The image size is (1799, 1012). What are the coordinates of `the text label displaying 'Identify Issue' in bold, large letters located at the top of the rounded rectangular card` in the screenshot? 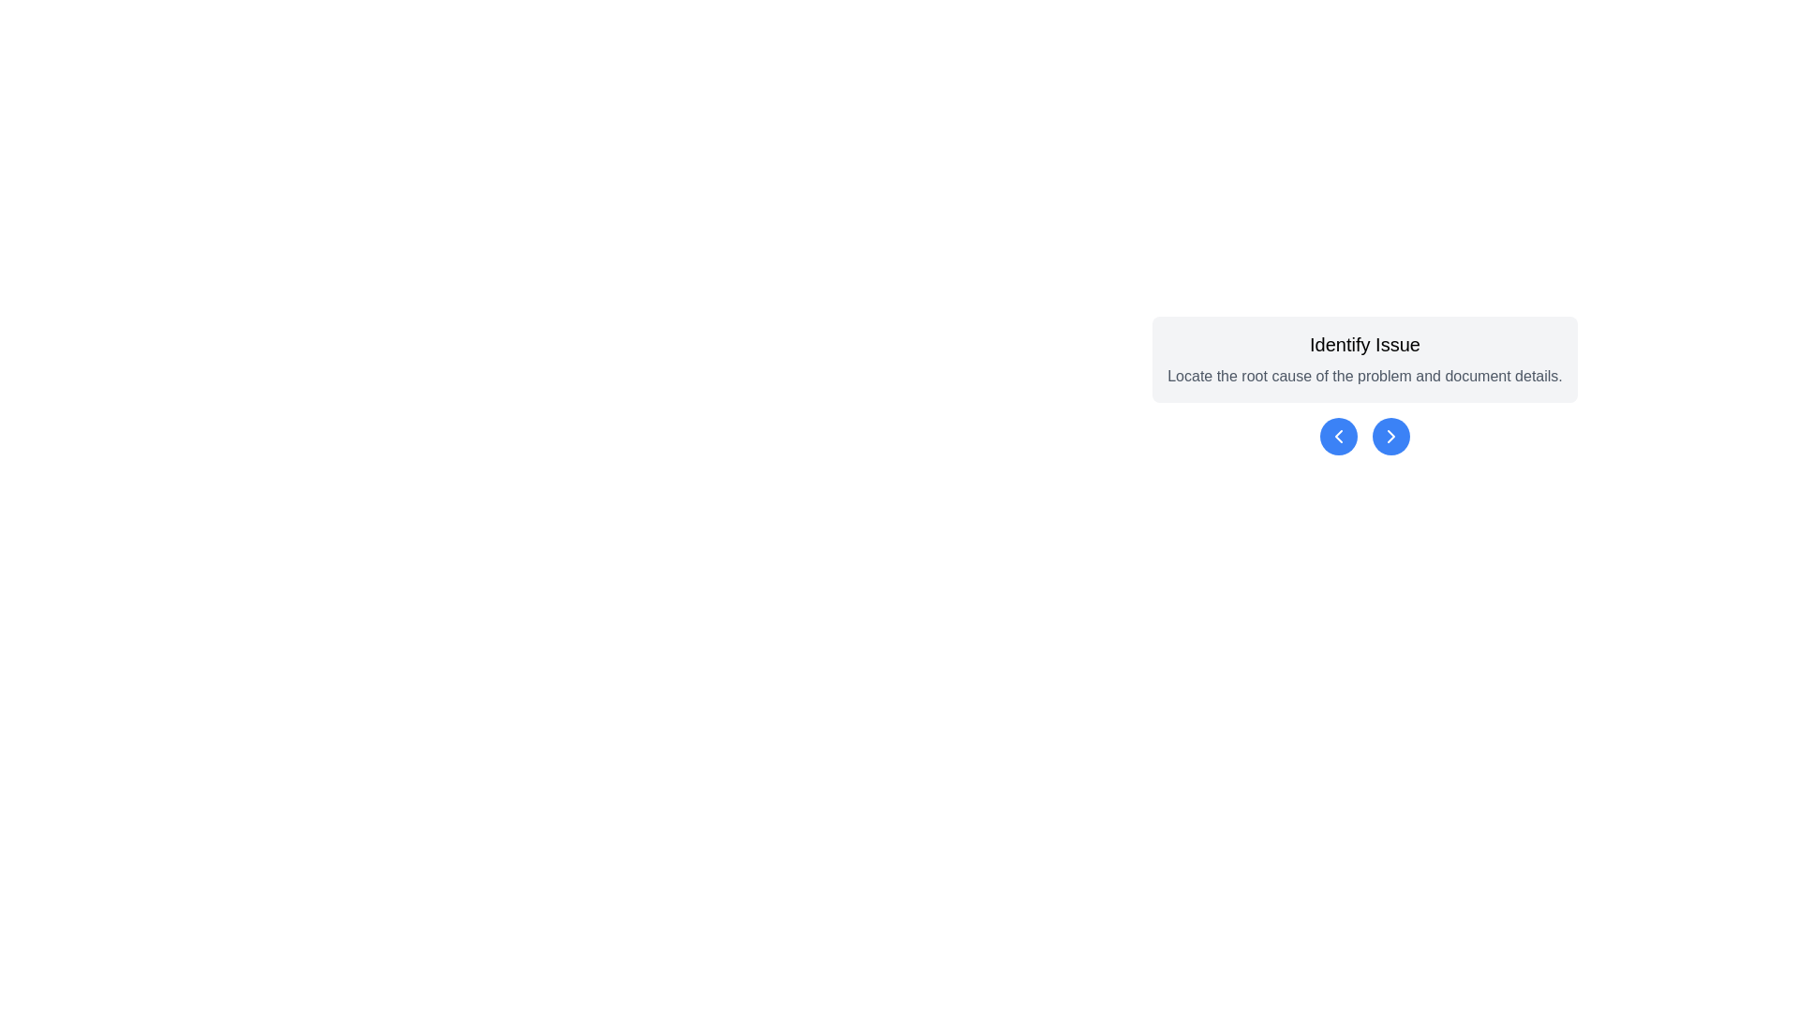 It's located at (1364, 344).